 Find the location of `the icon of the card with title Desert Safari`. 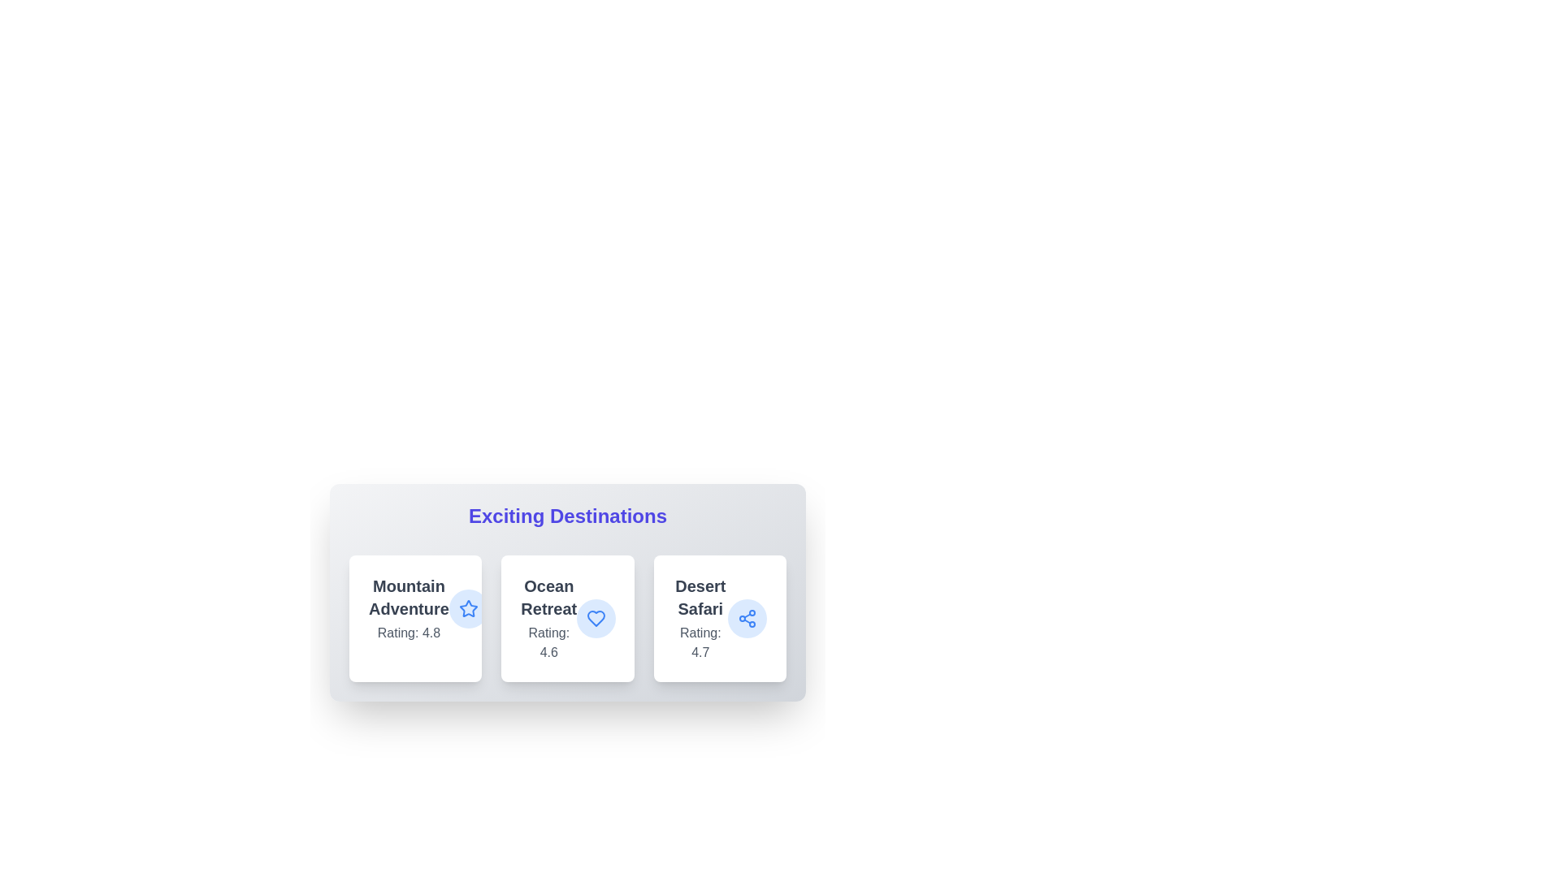

the icon of the card with title Desert Safari is located at coordinates (747, 619).